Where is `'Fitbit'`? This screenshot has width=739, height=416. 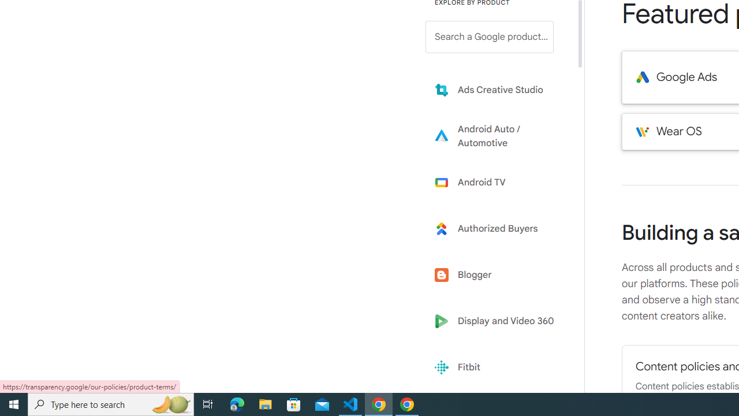 'Fitbit' is located at coordinates (498, 367).